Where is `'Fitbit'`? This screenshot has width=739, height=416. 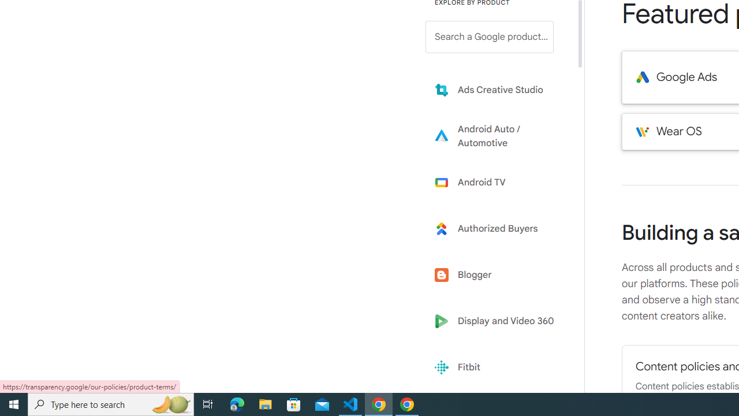 'Fitbit' is located at coordinates (498, 367).